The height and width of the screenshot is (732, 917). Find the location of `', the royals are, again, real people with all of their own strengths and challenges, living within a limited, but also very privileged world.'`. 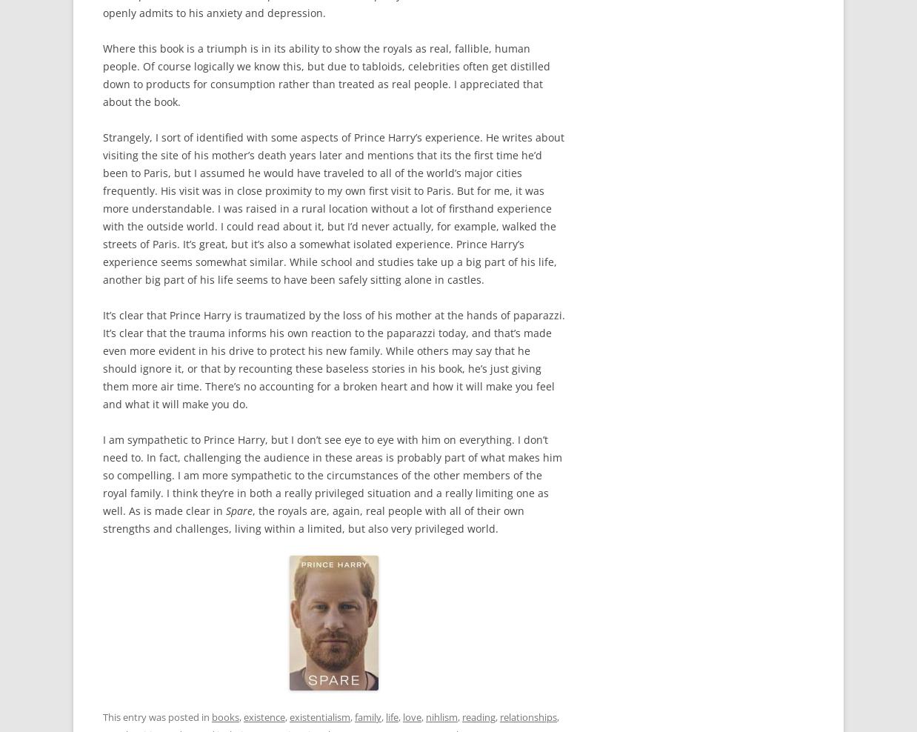

', the royals are, again, real people with all of their own strengths and challenges, living within a limited, but also very privileged world.' is located at coordinates (313, 519).